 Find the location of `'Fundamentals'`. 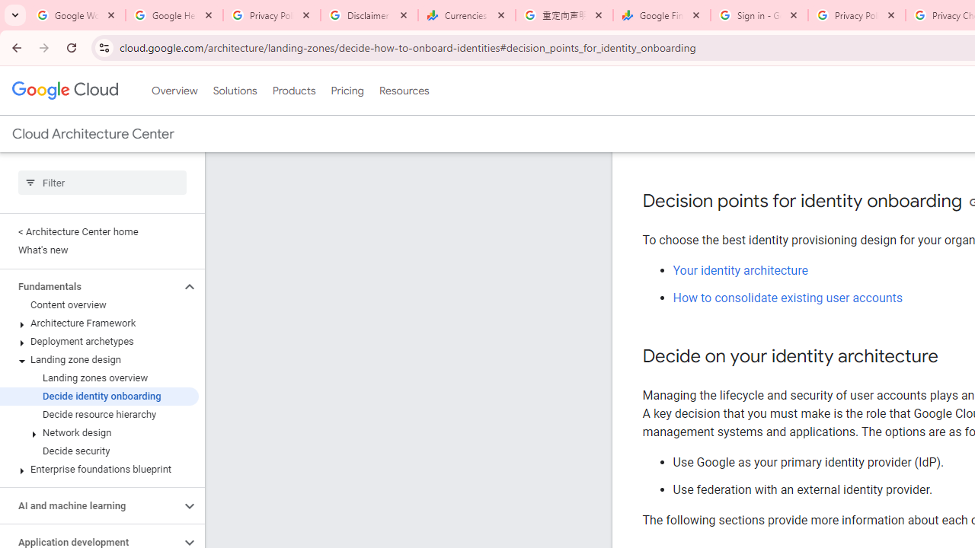

'Fundamentals' is located at coordinates (89, 286).